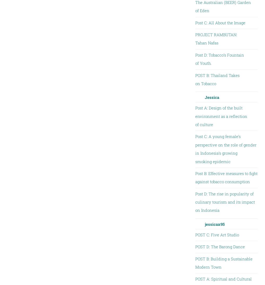 Image resolution: width=265 pixels, height=285 pixels. Describe the element at coordinates (220, 22) in the screenshot. I see `'Post C: All About the Image'` at that location.